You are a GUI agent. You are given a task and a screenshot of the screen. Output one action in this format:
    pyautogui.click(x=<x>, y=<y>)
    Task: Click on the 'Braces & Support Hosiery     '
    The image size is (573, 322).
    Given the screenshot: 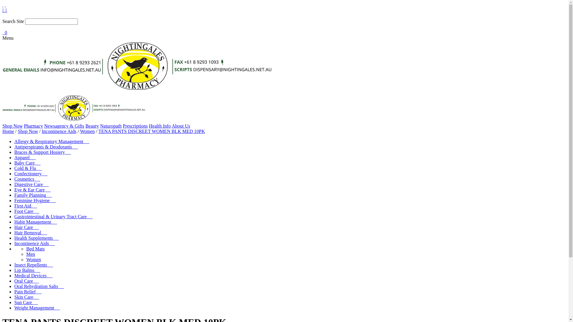 What is the action you would take?
    pyautogui.click(x=42, y=152)
    